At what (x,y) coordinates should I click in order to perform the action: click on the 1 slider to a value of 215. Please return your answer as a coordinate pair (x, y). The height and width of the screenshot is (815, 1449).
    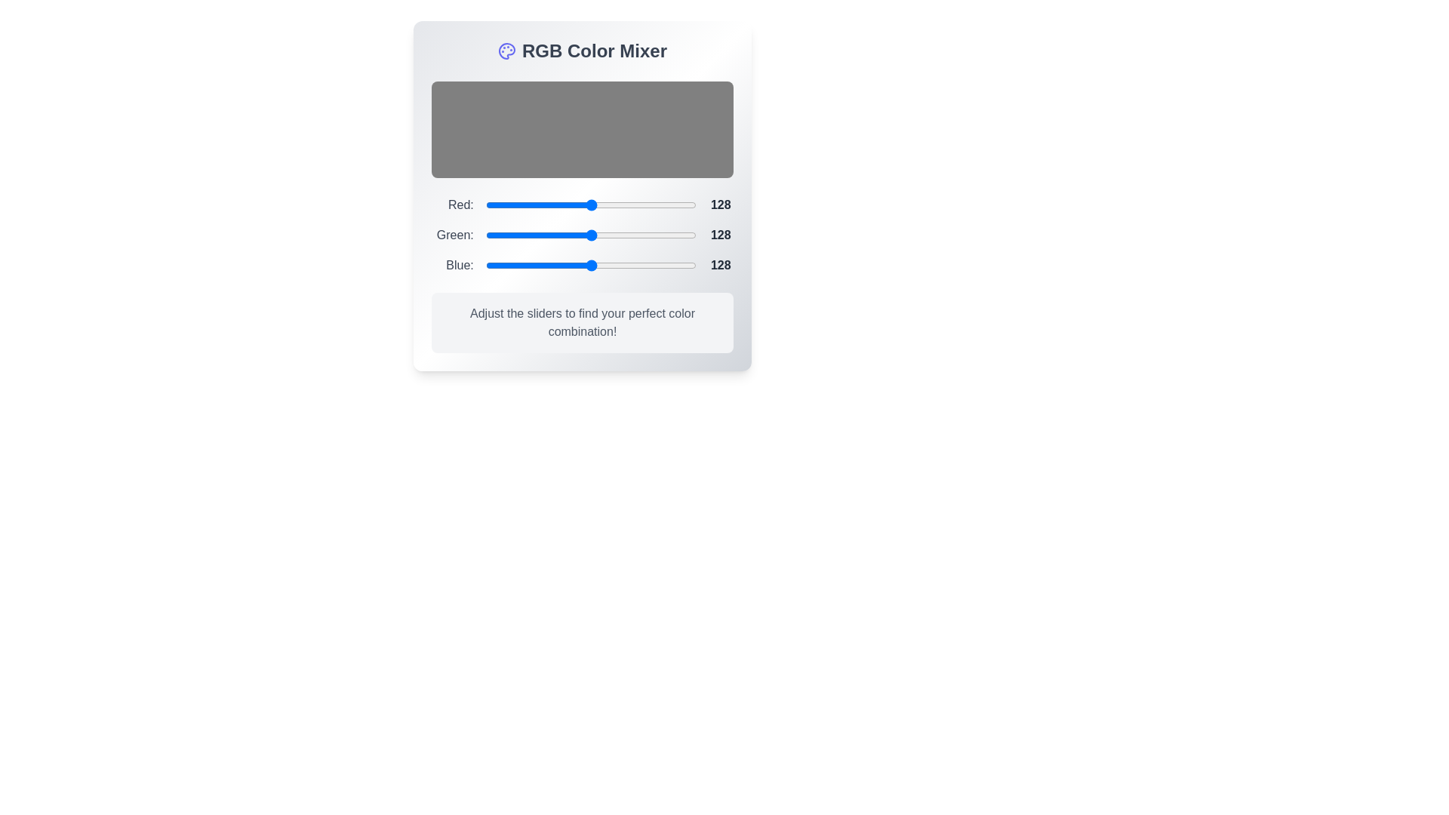
    Looking at the image, I should click on (678, 235).